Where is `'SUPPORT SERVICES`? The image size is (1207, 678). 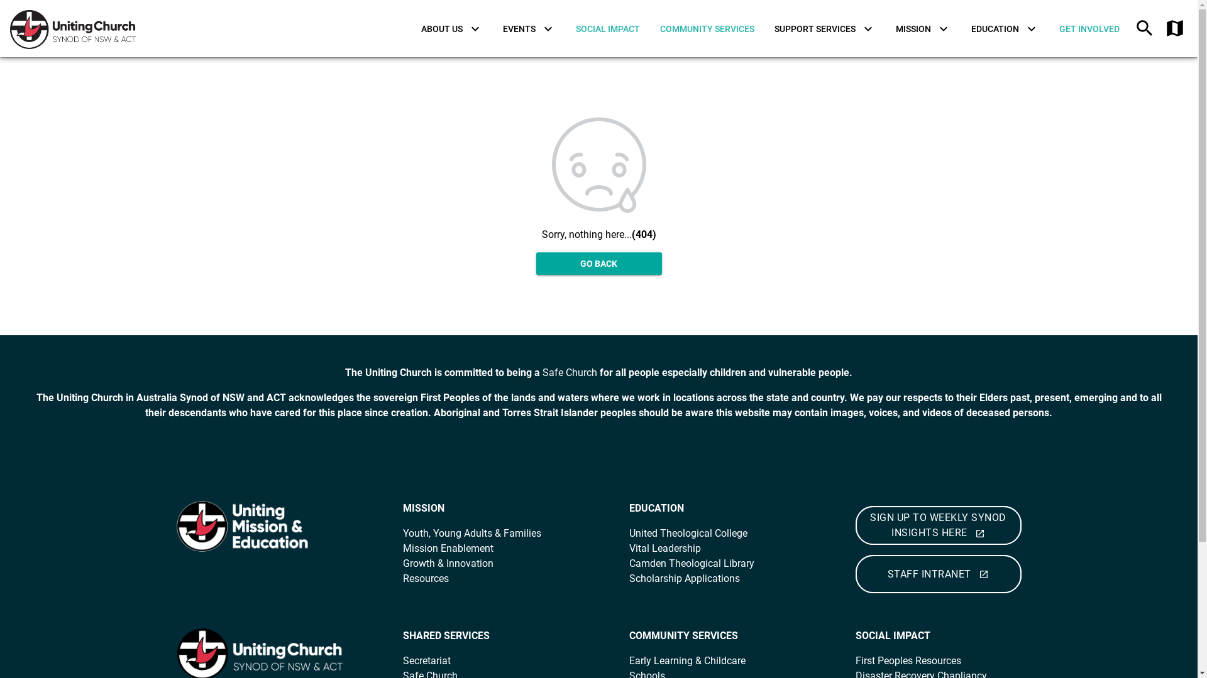 'SUPPORT SERVICES is located at coordinates (825, 28).